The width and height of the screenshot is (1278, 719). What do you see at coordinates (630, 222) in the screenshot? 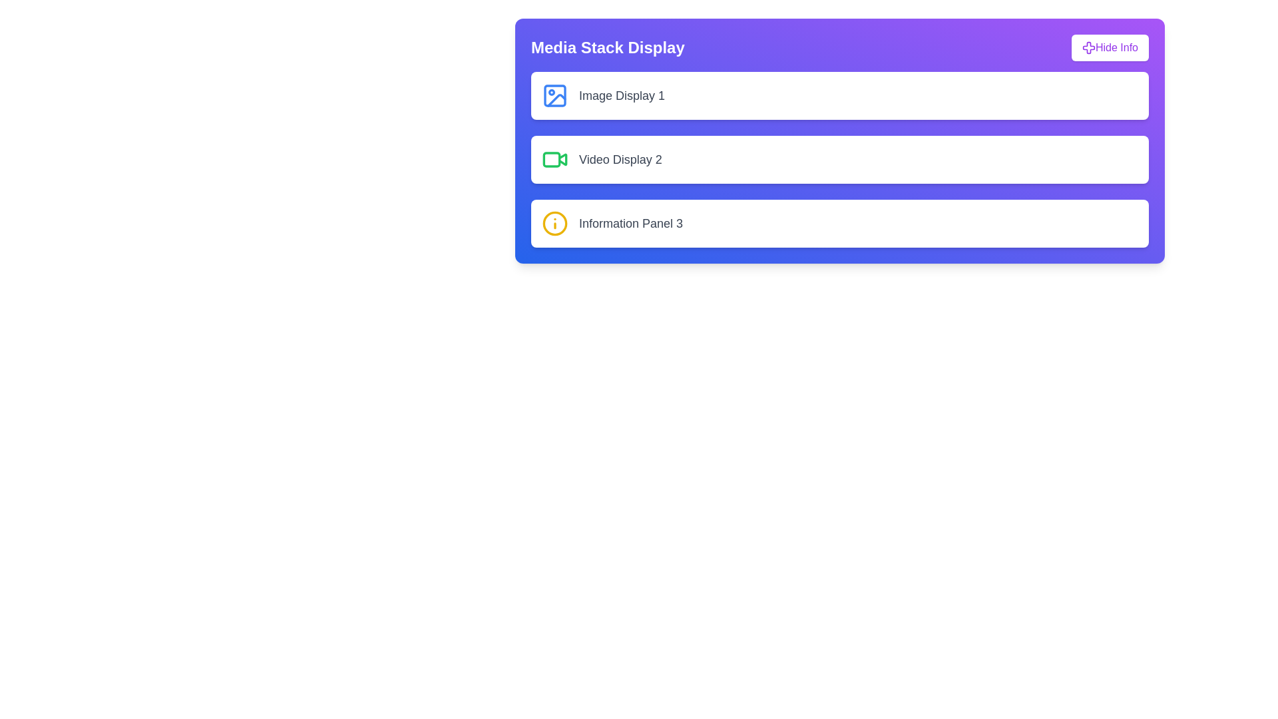
I see `text content of the Text Label titled 'Information Panel 3', which is located to the right of an information icon in the third row of the Media Stack Display section` at bounding box center [630, 222].